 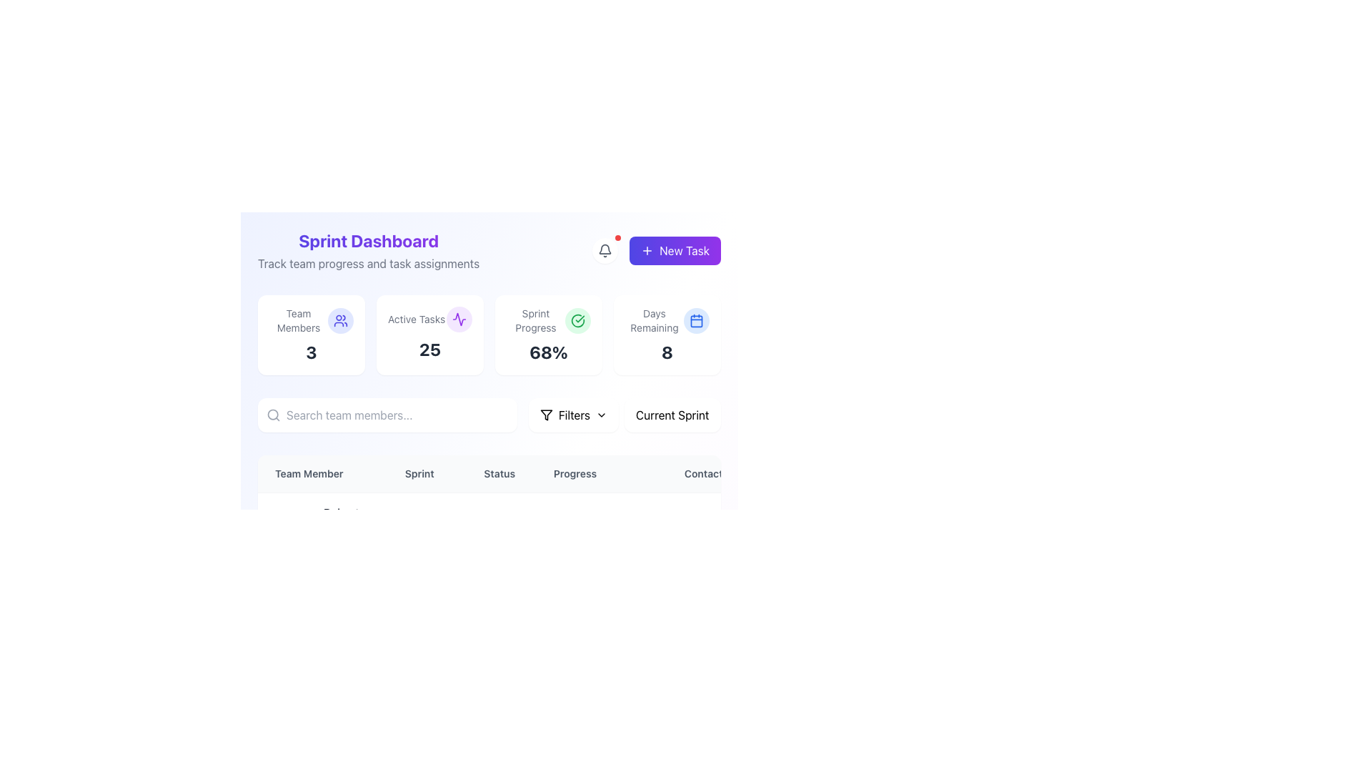 I want to click on the User information card component that displays a user's name, role, and status, located in the 'Team Member' section of the 'Sprint Dashboard', so click(x=322, y=621).